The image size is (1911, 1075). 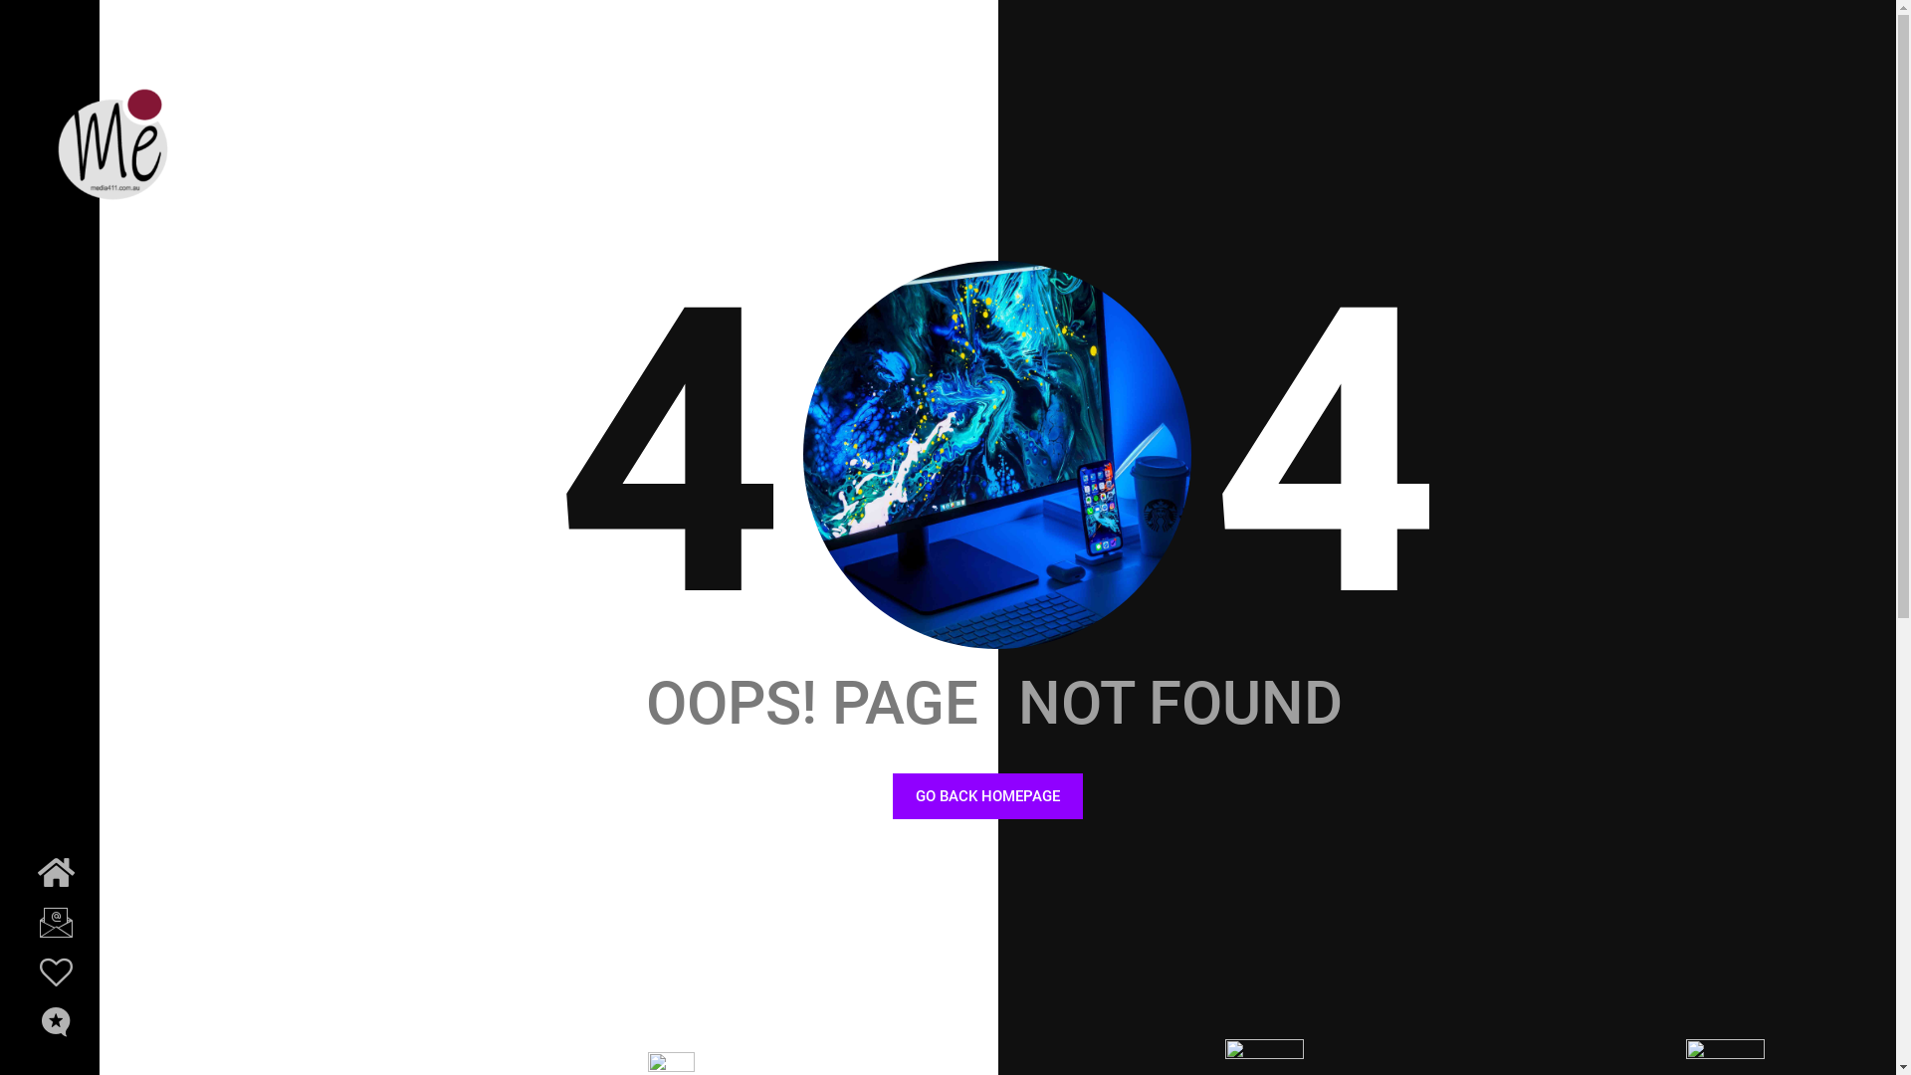 I want to click on 'GO BACK HOMEPAGE', so click(x=987, y=795).